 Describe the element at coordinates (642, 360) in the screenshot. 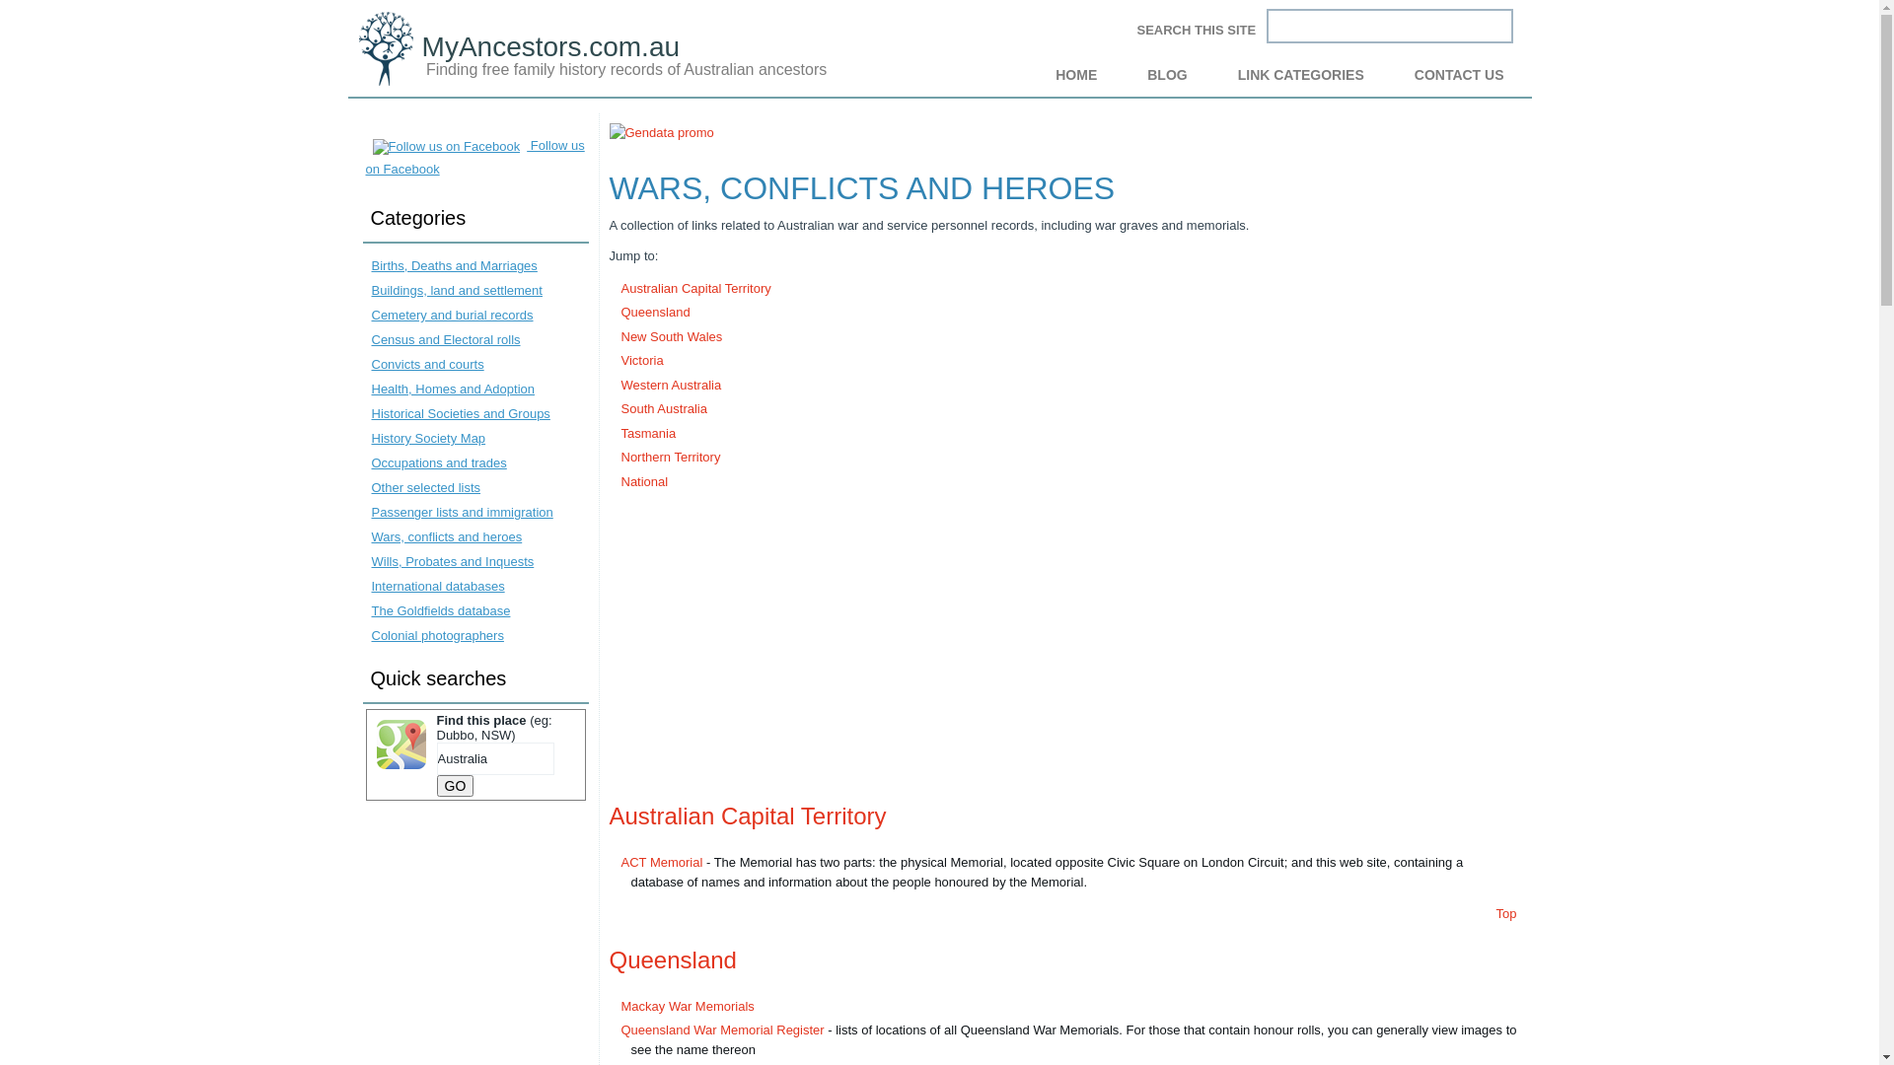

I see `'Victoria'` at that location.